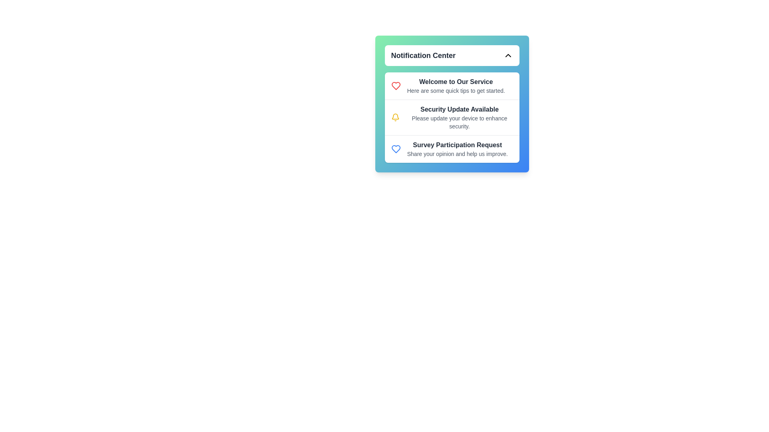  What do you see at coordinates (396, 86) in the screenshot?
I see `the icon associated with the Welcome to Our Service notification` at bounding box center [396, 86].